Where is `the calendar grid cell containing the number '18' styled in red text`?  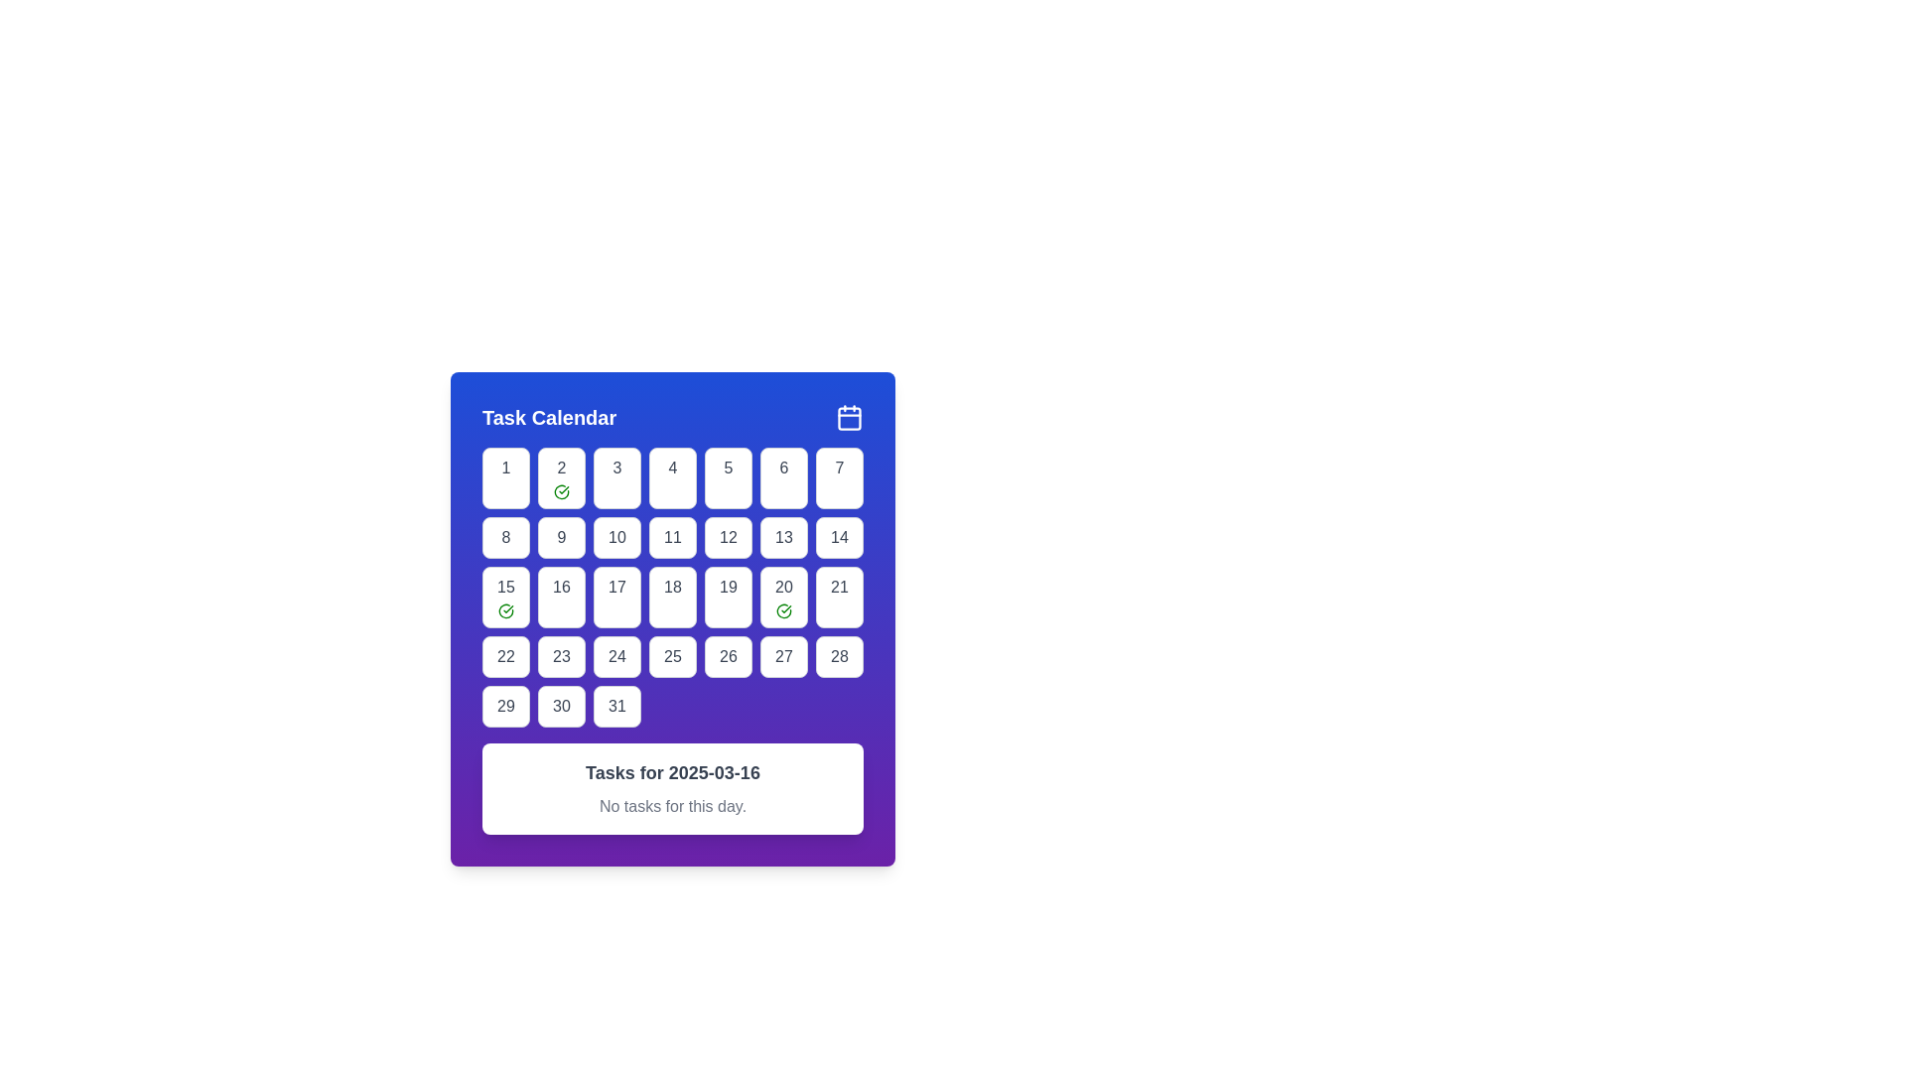 the calendar grid cell containing the number '18' styled in red text is located at coordinates (672, 586).